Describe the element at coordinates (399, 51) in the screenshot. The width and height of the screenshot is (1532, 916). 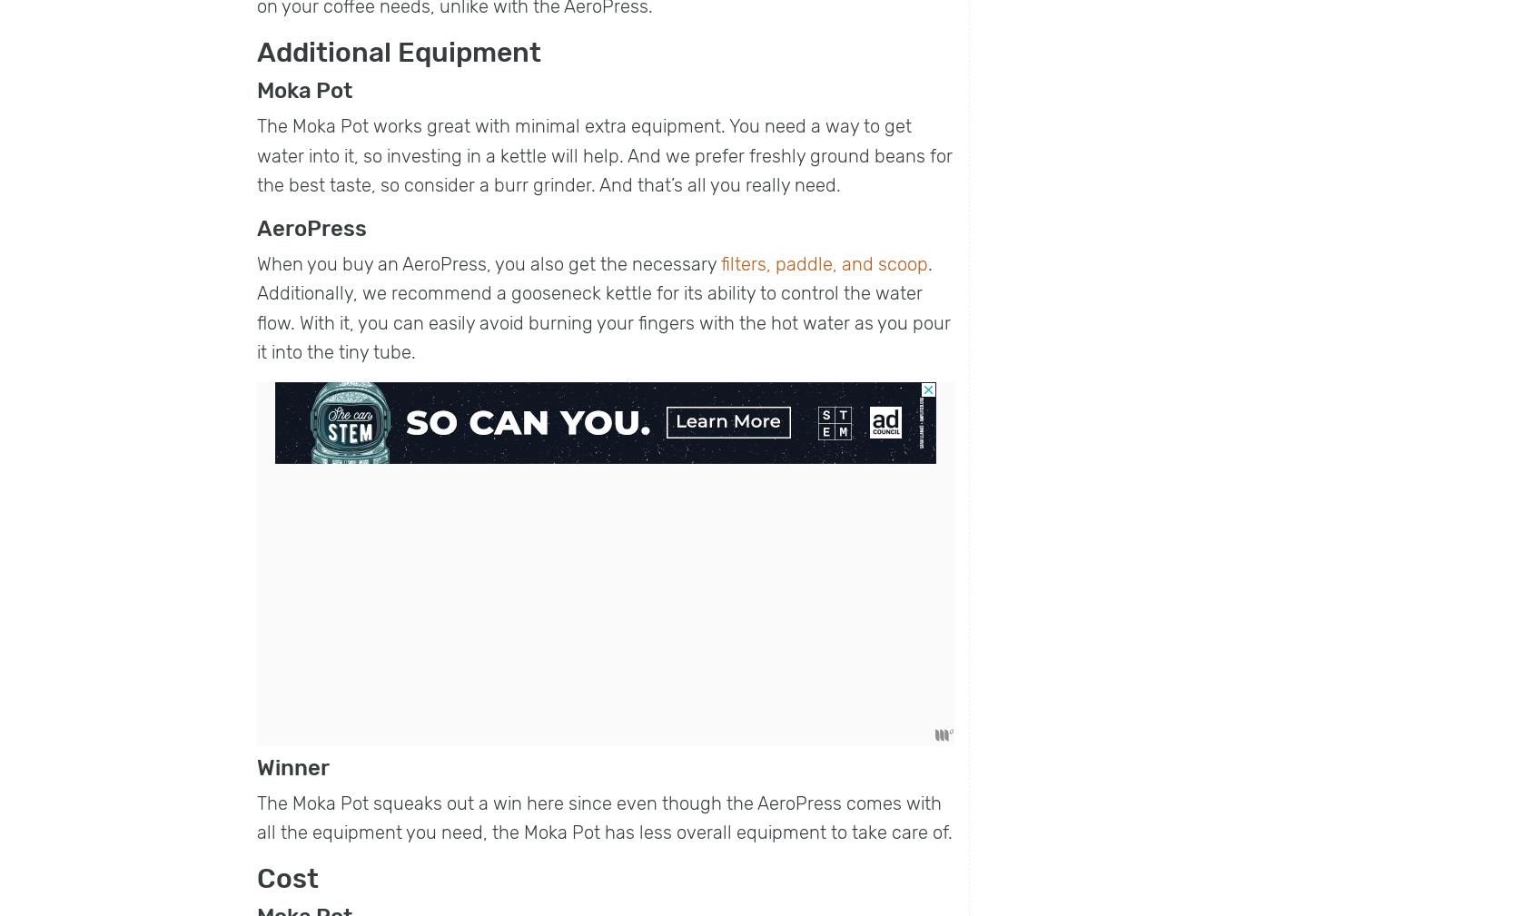
I see `'Additional Equipment'` at that location.